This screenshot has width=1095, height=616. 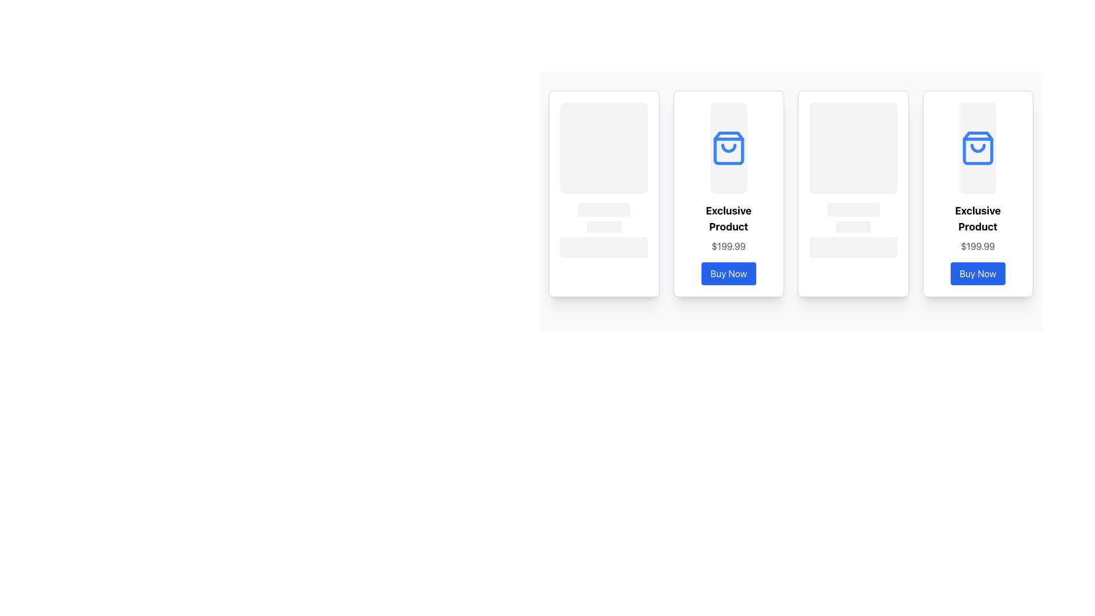 What do you see at coordinates (977, 273) in the screenshot?
I see `the 'Buy Now' button with a blue background and white text` at bounding box center [977, 273].